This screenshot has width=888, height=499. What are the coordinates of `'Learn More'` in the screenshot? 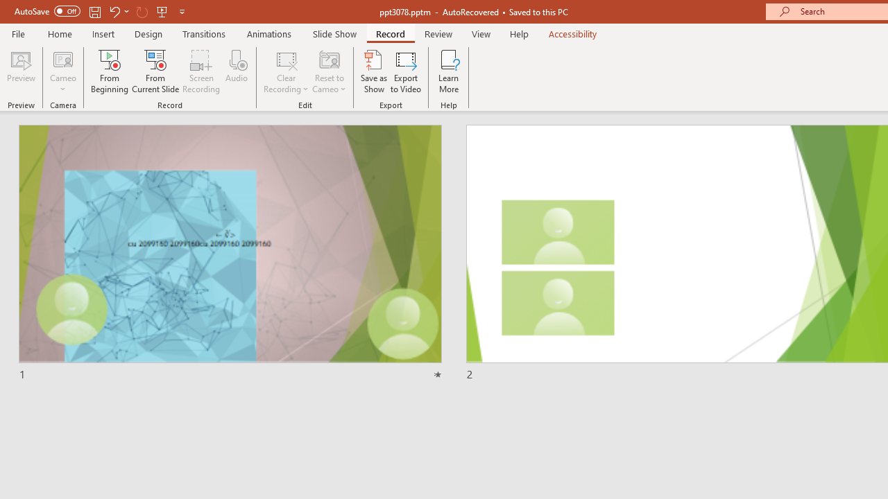 It's located at (449, 71).